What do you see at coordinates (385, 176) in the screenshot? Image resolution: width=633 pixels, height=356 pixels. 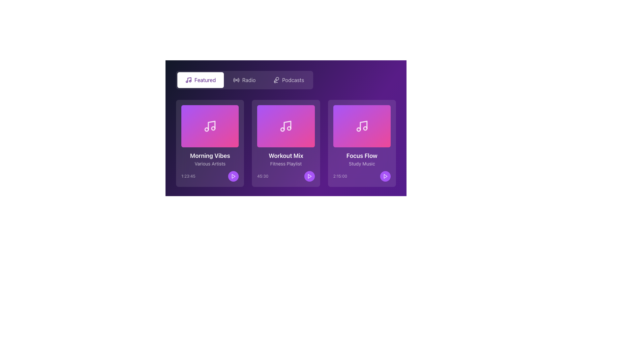 I see `the play button, which is a triangular vector graphic in white on a purple circular background, located at the bottom-right corner of the 'Focus Flow - Study Music' card` at bounding box center [385, 176].